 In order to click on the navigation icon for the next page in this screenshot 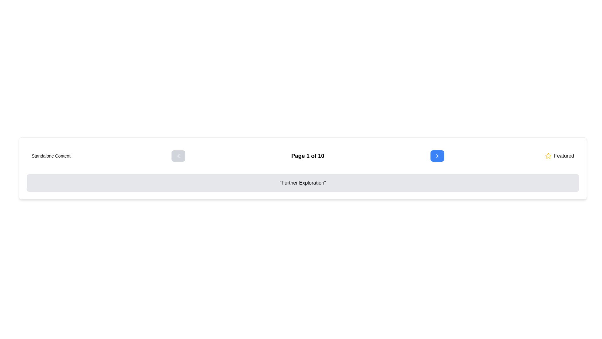, I will do `click(437, 156)`.